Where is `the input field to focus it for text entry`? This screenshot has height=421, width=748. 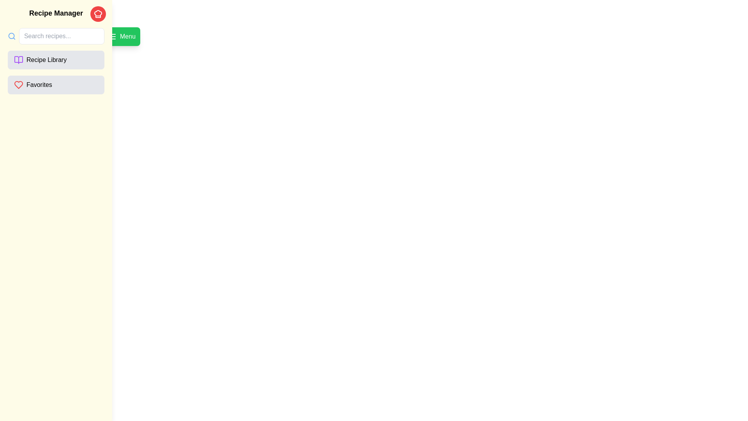
the input field to focus it for text entry is located at coordinates (61, 36).